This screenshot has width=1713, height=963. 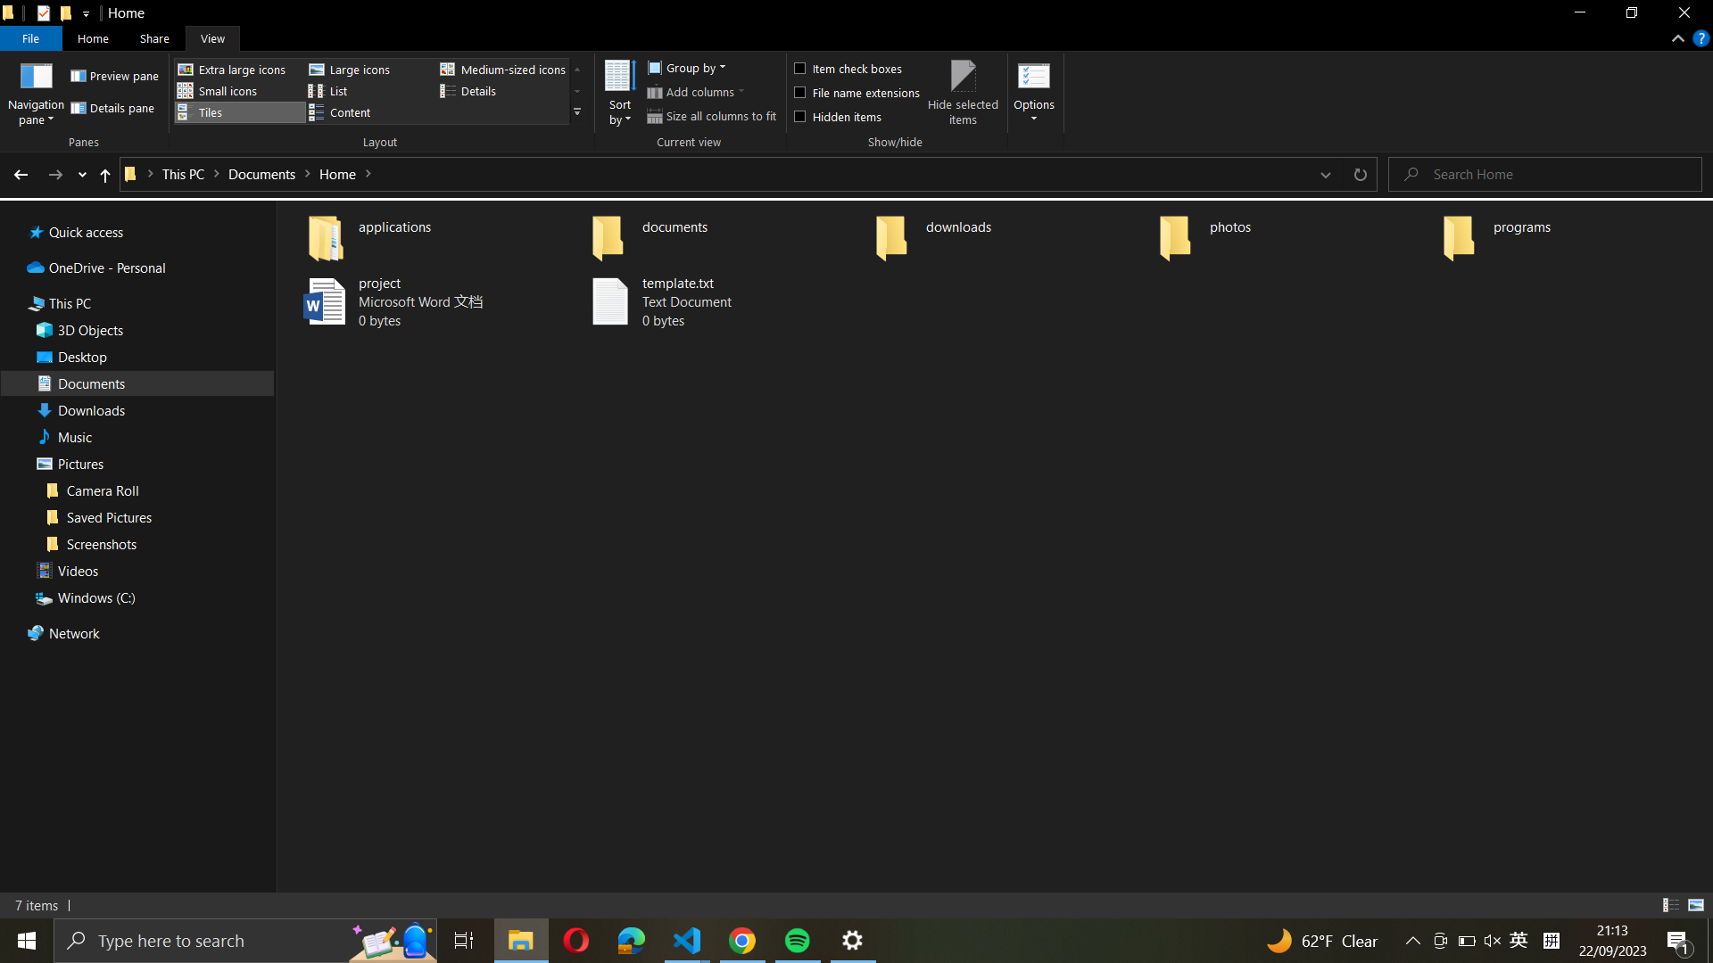 I want to click on the "photos" folder to create and name a new folder as "vacation", so click(x=1293, y=233).